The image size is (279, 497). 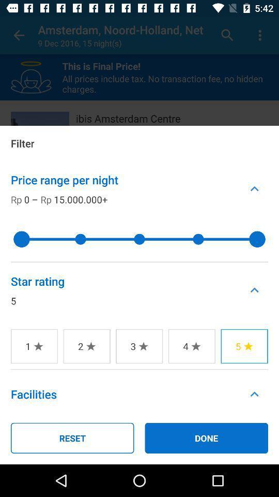 What do you see at coordinates (206, 437) in the screenshot?
I see `done` at bounding box center [206, 437].